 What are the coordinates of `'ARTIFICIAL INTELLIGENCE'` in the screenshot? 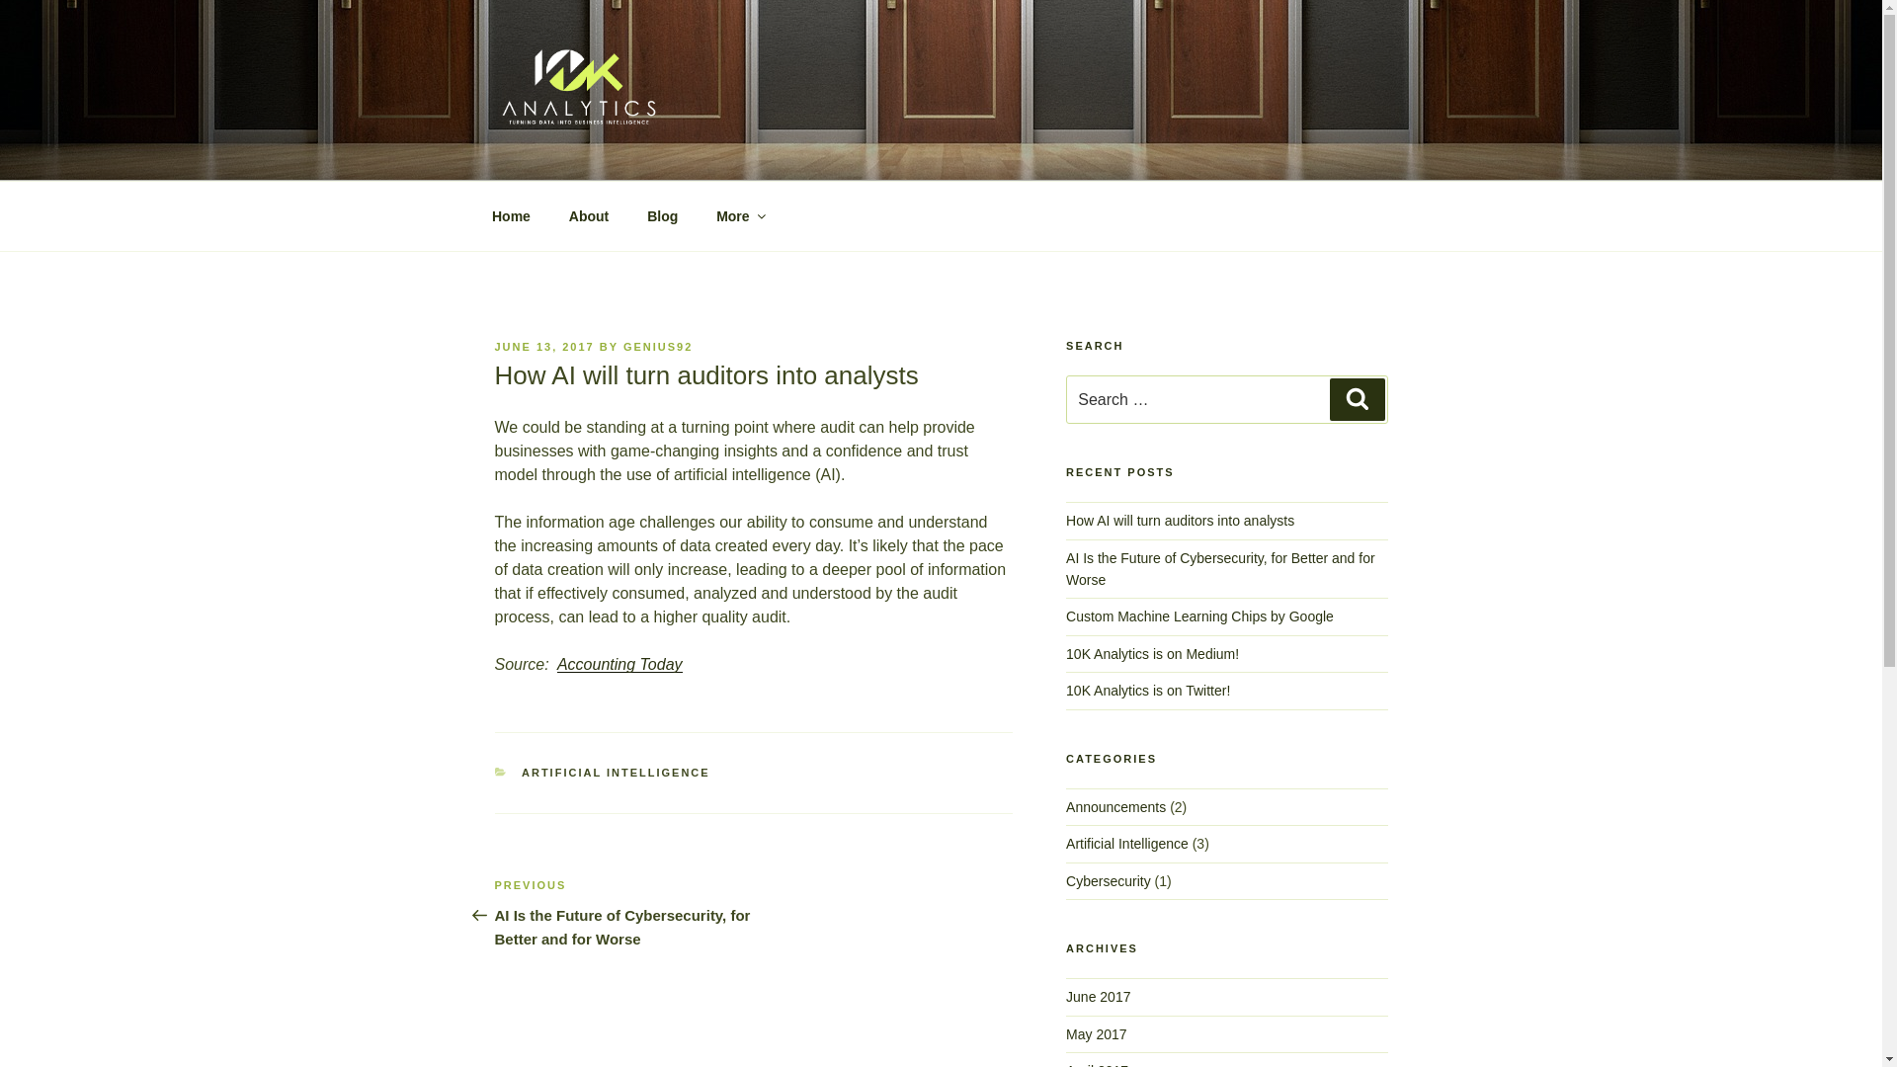 It's located at (615, 772).